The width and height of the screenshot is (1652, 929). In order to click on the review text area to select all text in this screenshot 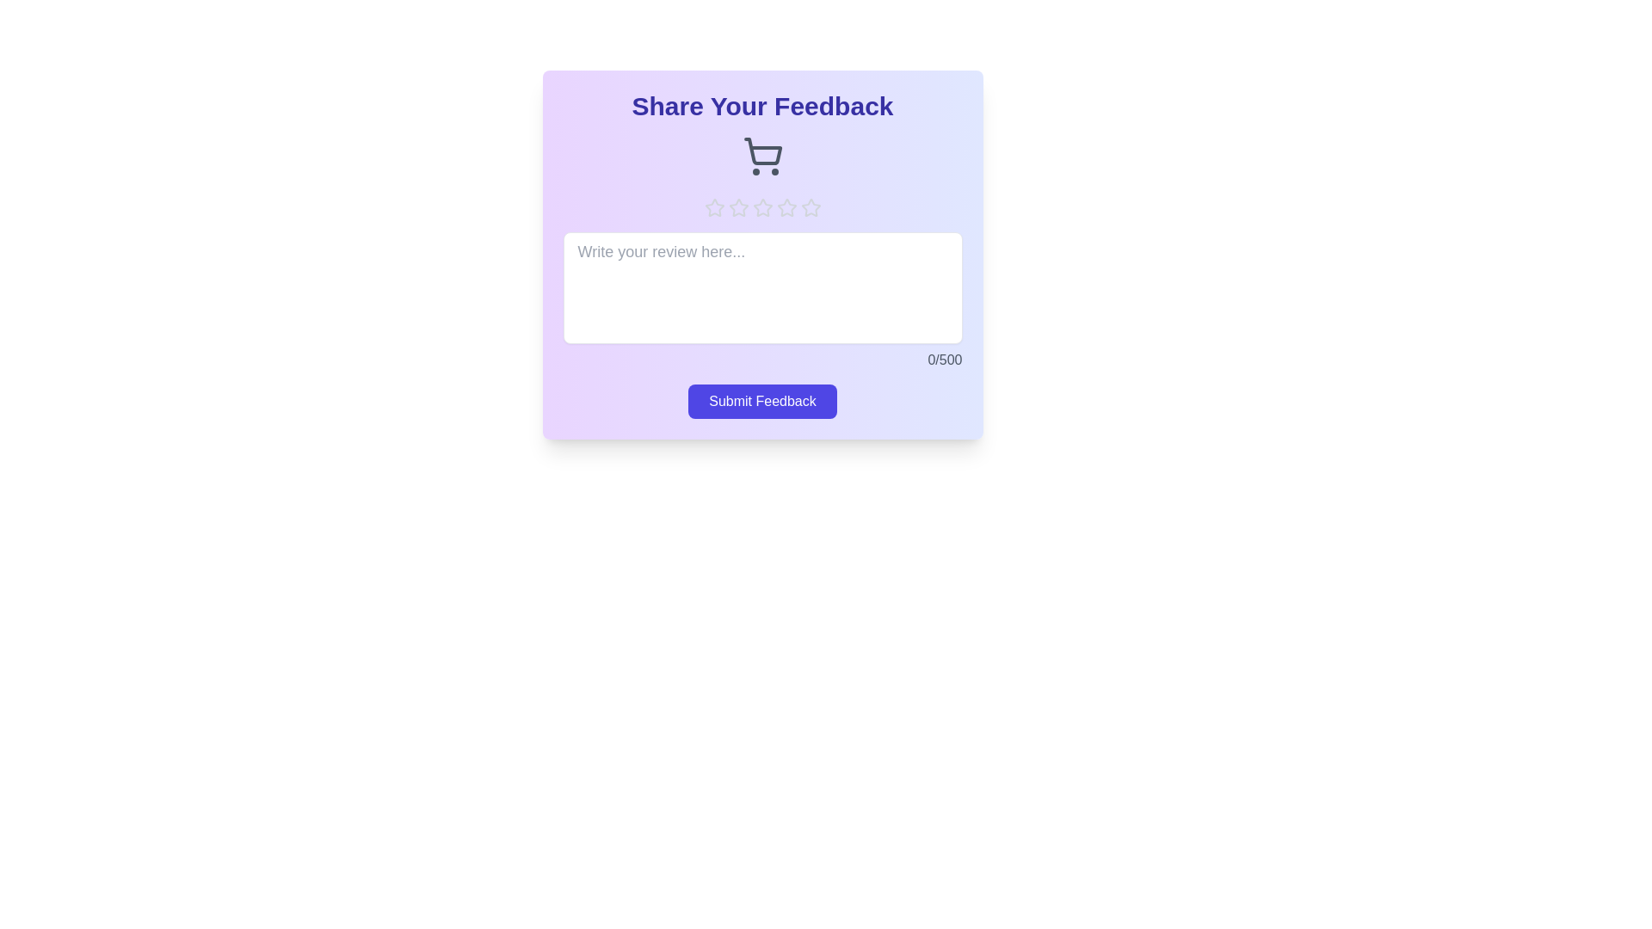, I will do `click(761, 287)`.